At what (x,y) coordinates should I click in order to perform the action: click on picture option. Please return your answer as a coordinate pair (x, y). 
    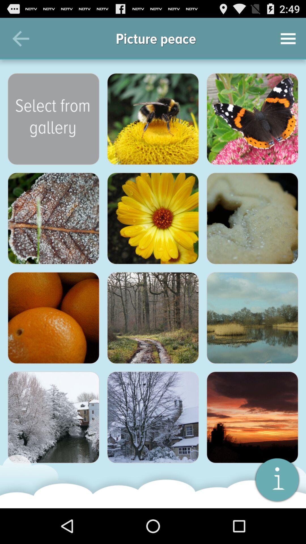
    Looking at the image, I should click on (252, 119).